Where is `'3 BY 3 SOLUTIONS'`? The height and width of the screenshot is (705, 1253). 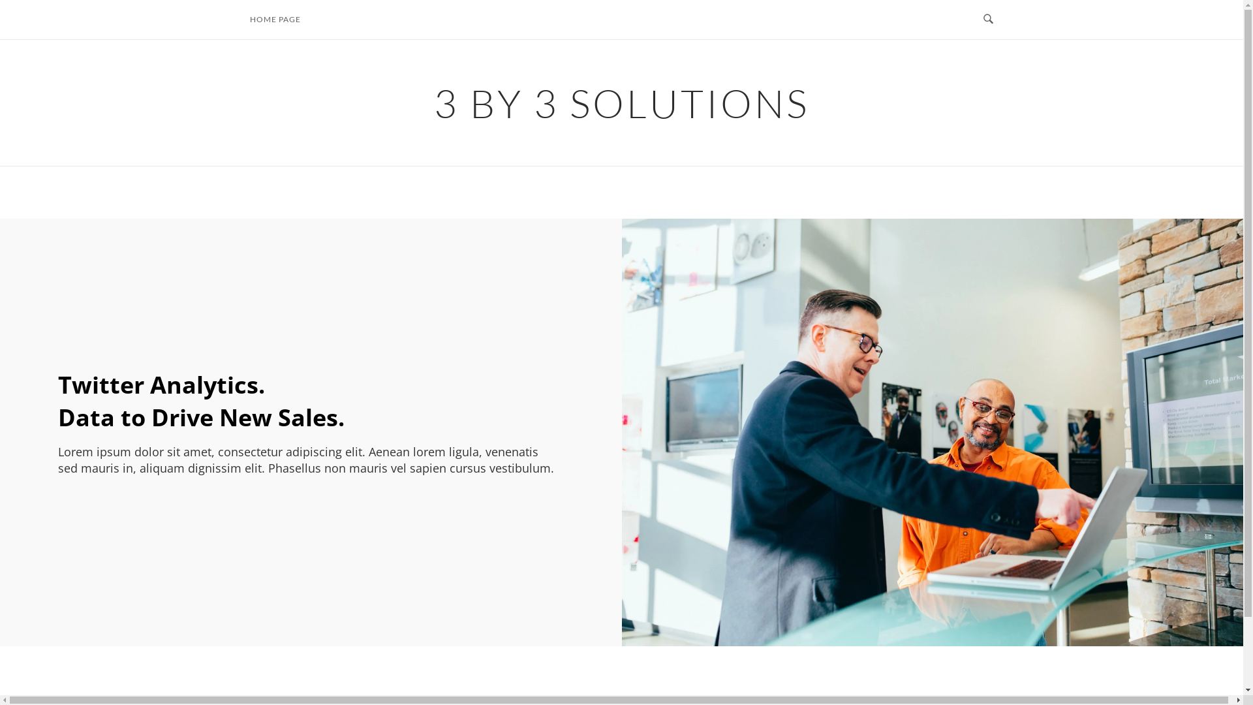
'3 BY 3 SOLUTIONS' is located at coordinates (621, 102).